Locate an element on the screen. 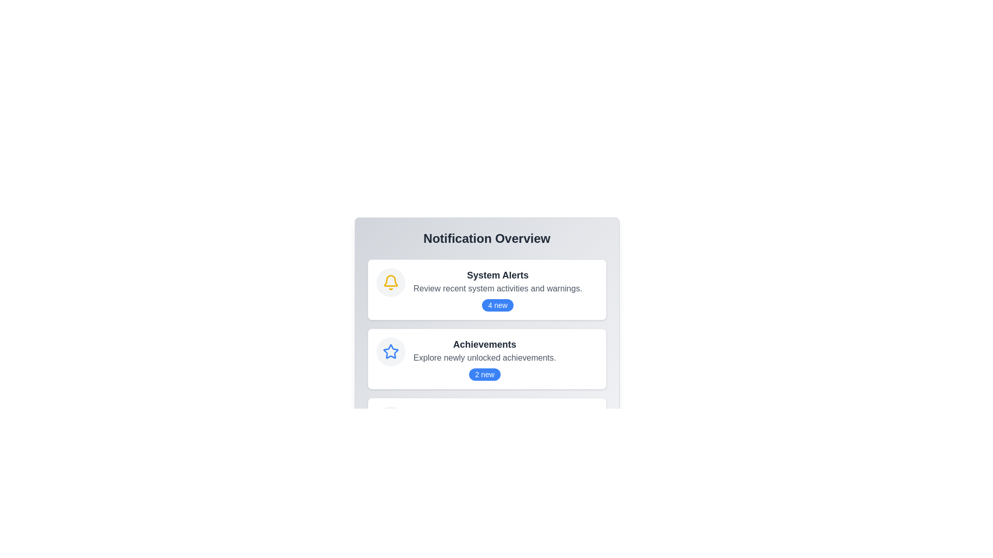 The image size is (993, 558). text label that serves as a heading for the achievements section, located in the second section of a card layout, positioned before the text 'Explore newly unlocked achievements.' is located at coordinates (484, 345).